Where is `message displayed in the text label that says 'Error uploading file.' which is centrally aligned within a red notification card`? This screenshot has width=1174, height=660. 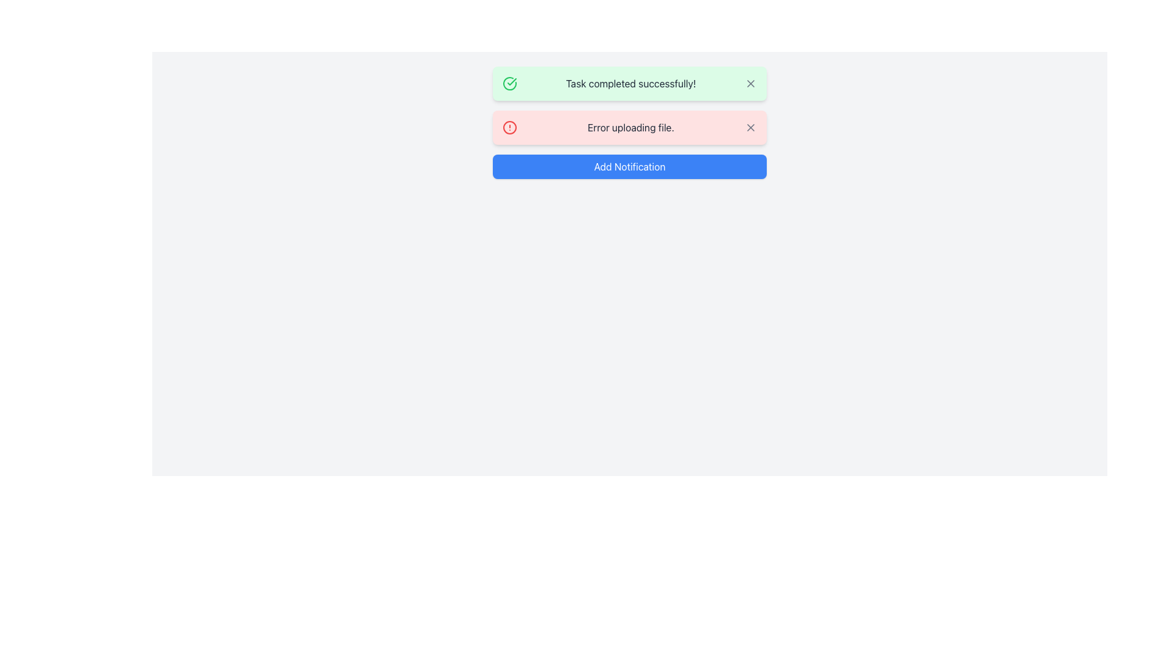 message displayed in the text label that says 'Error uploading file.' which is centrally aligned within a red notification card is located at coordinates (631, 127).